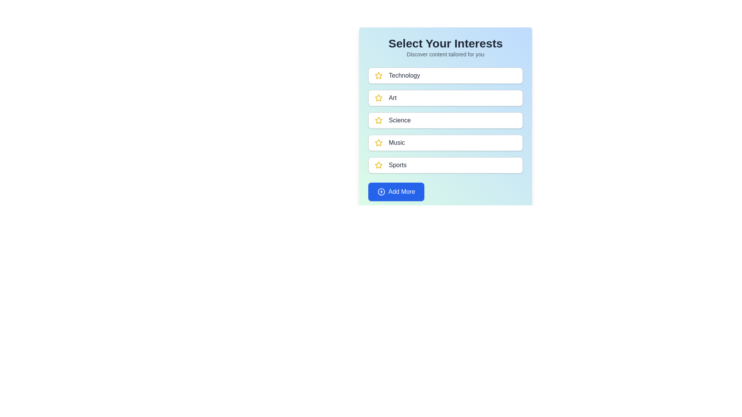 The width and height of the screenshot is (742, 417). What do you see at coordinates (445, 98) in the screenshot?
I see `the category named Art` at bounding box center [445, 98].